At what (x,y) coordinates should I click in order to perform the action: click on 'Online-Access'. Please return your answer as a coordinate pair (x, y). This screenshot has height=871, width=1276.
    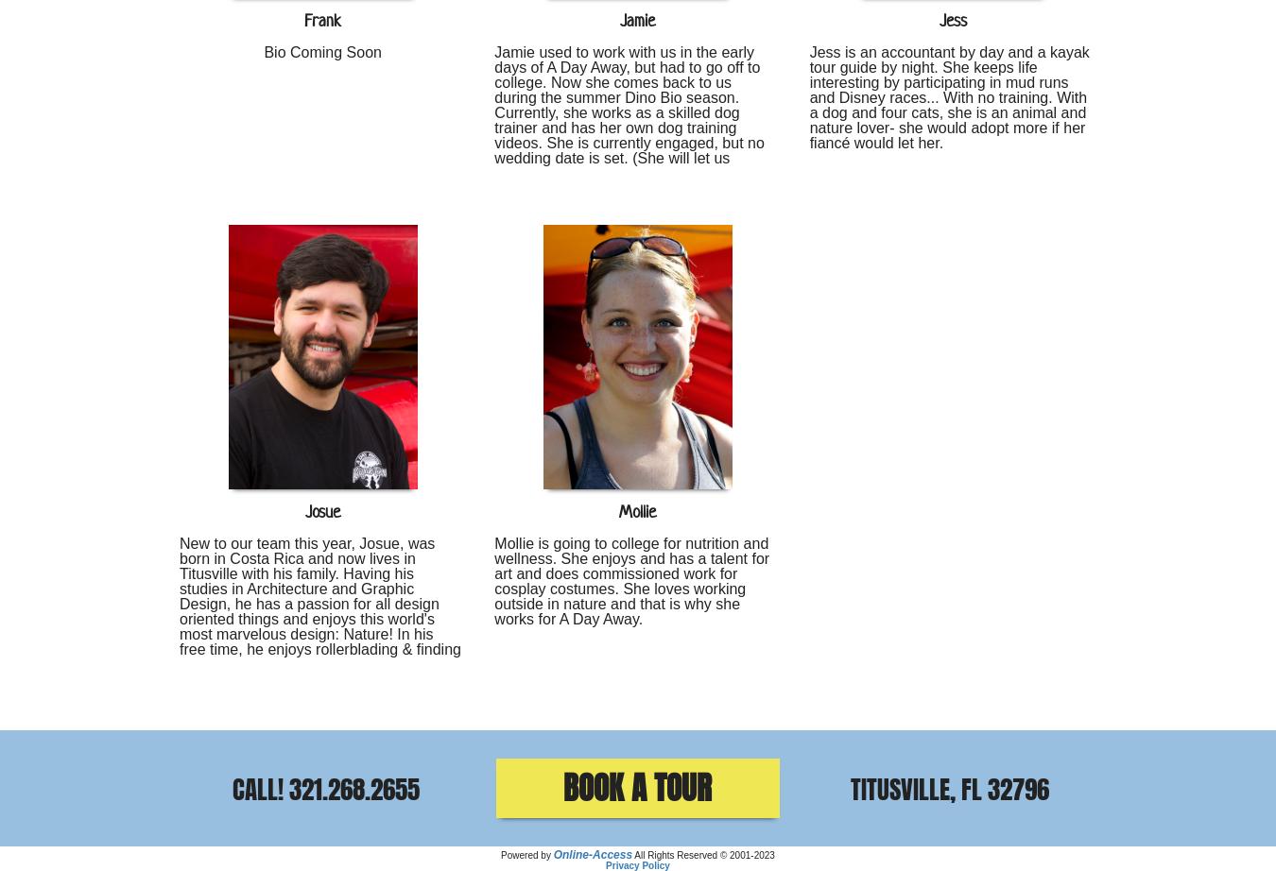
    Looking at the image, I should click on (592, 854).